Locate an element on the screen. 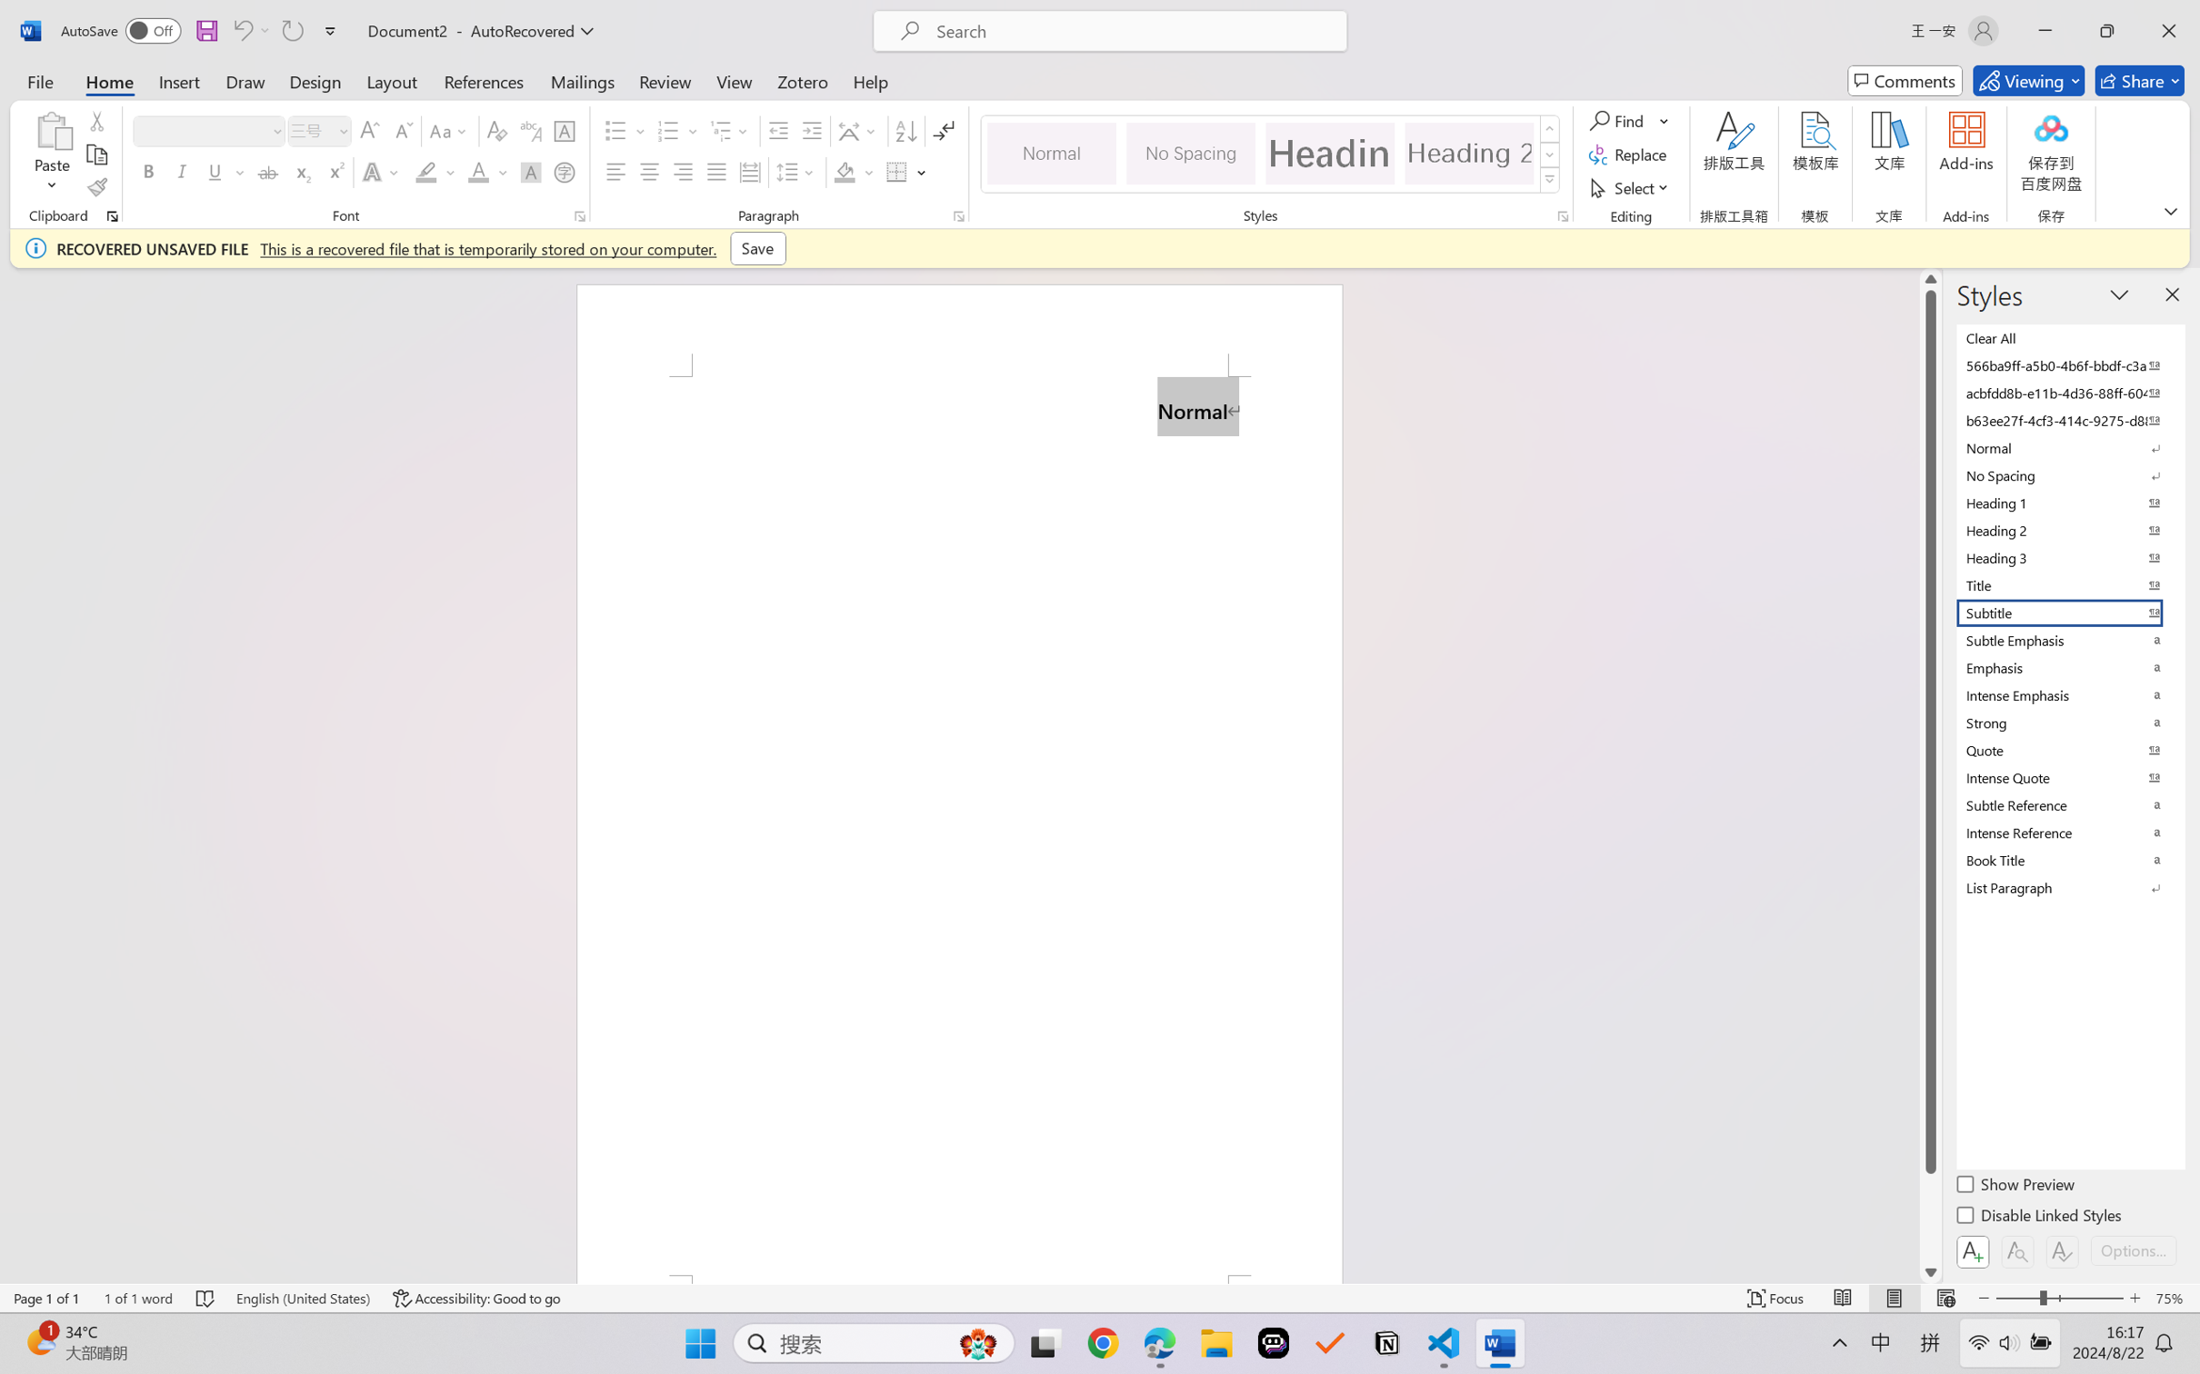 The image size is (2200, 1374). 'Title' is located at coordinates (2068, 584).